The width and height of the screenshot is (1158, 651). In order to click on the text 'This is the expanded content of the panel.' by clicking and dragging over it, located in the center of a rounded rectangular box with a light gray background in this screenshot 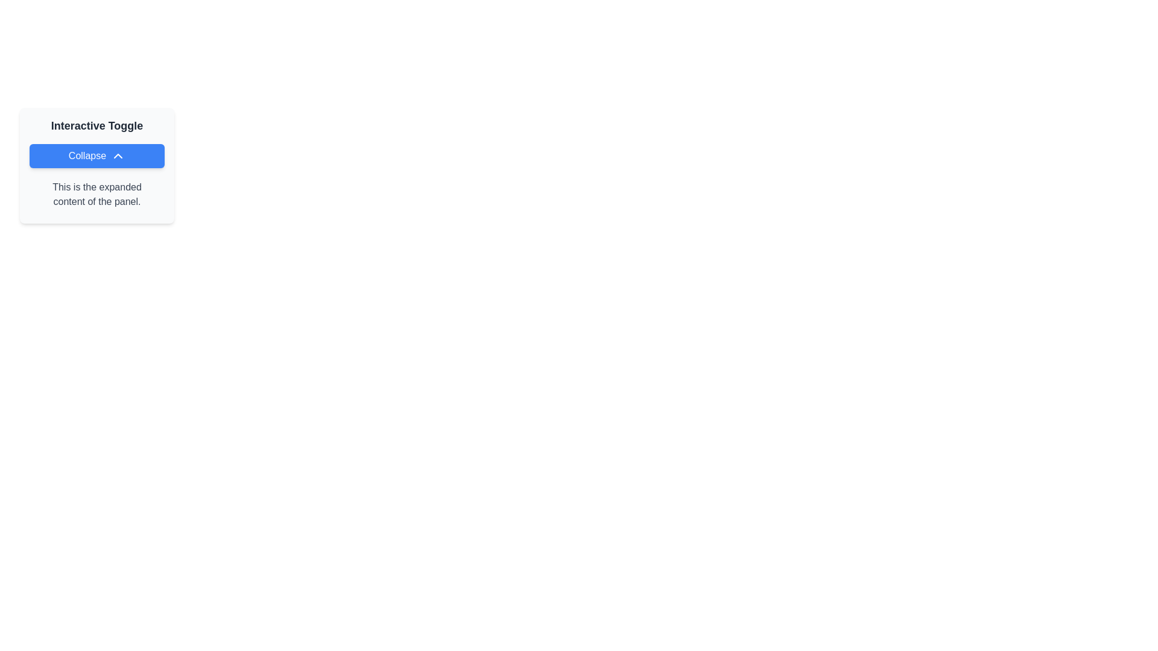, I will do `click(97, 194)`.